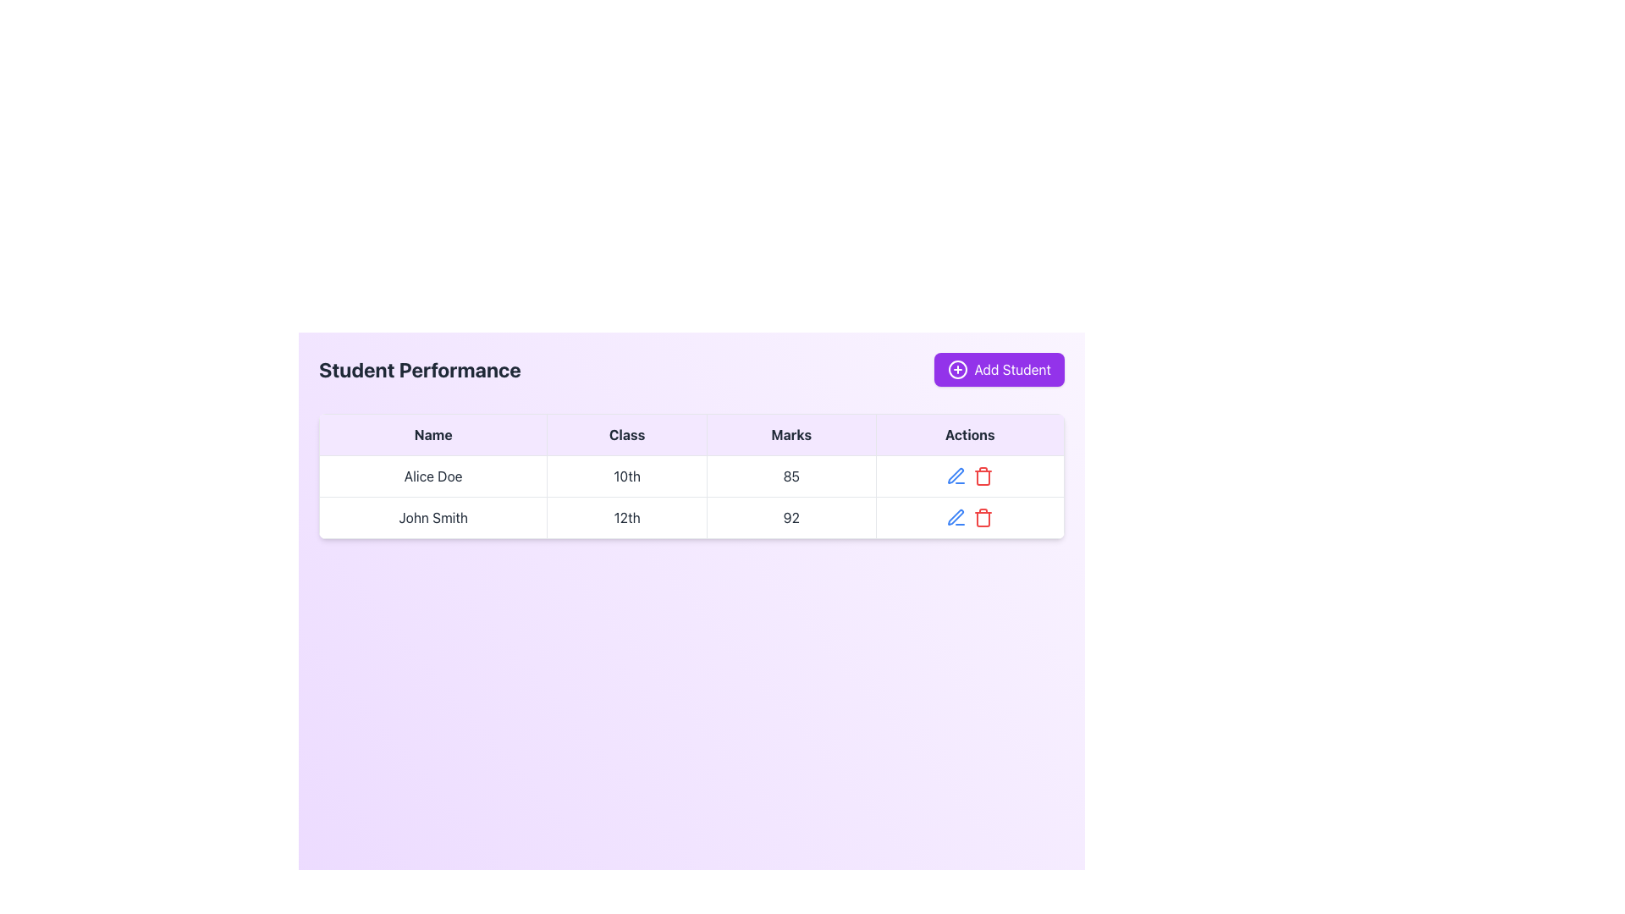  What do you see at coordinates (970, 476) in the screenshot?
I see `the pen icon in the Actions column of the table` at bounding box center [970, 476].